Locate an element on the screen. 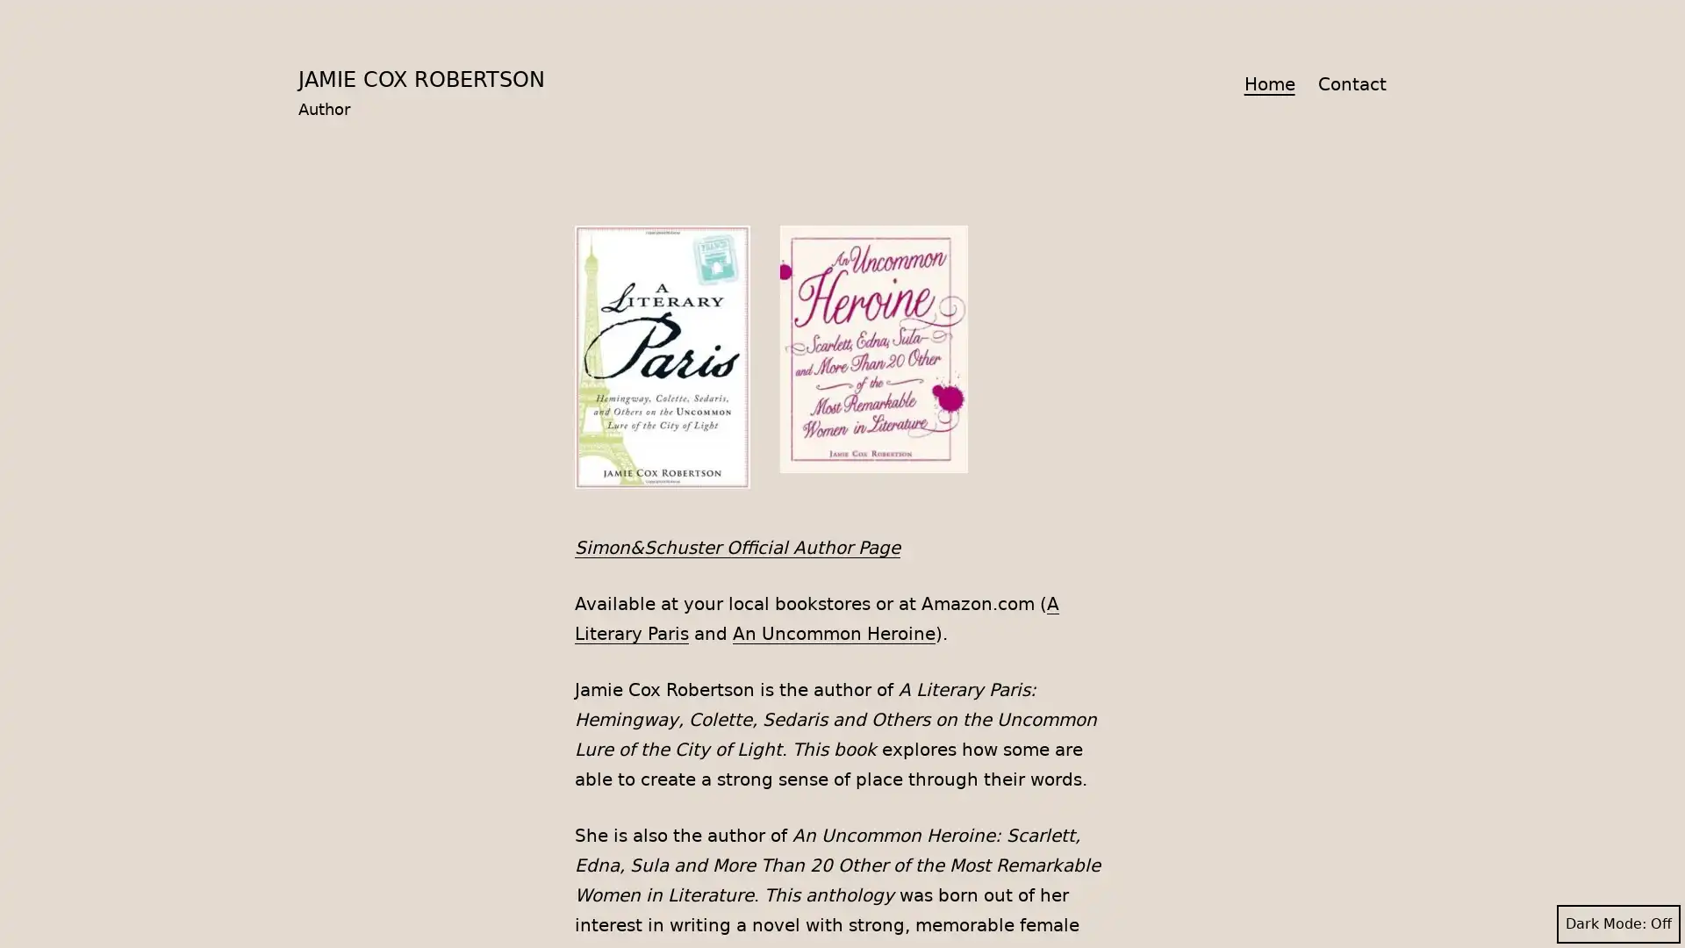 This screenshot has width=1685, height=948. Dark Mode: is located at coordinates (1617, 923).